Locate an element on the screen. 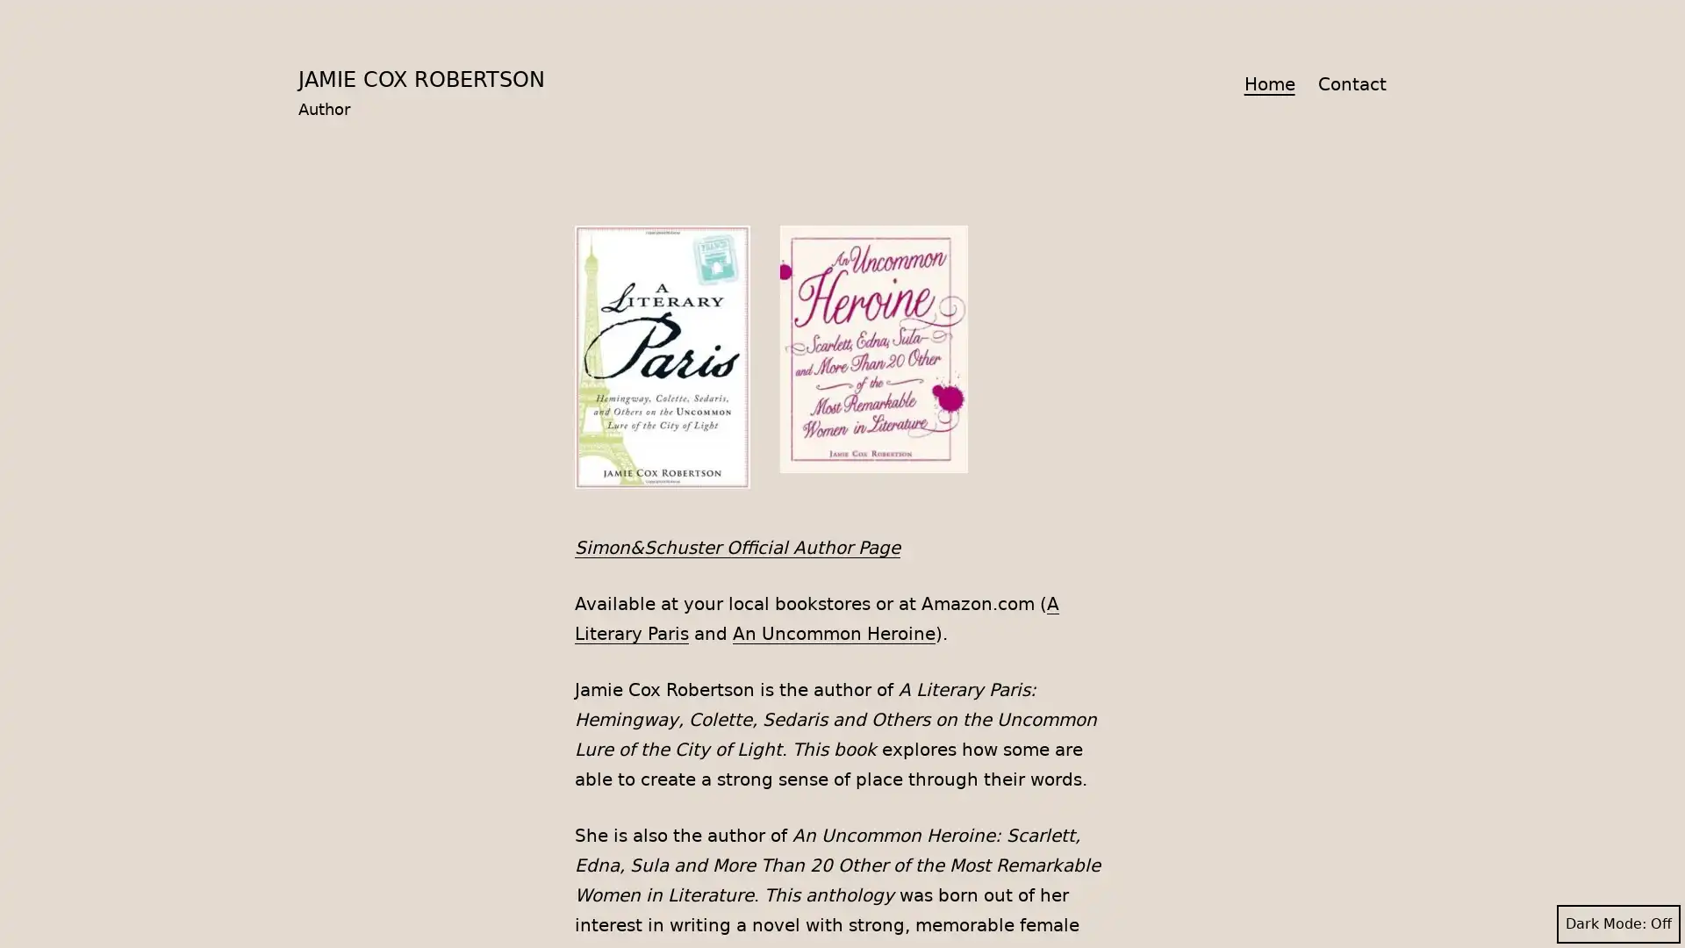 This screenshot has width=1685, height=948. Dark Mode: is located at coordinates (1617, 923).